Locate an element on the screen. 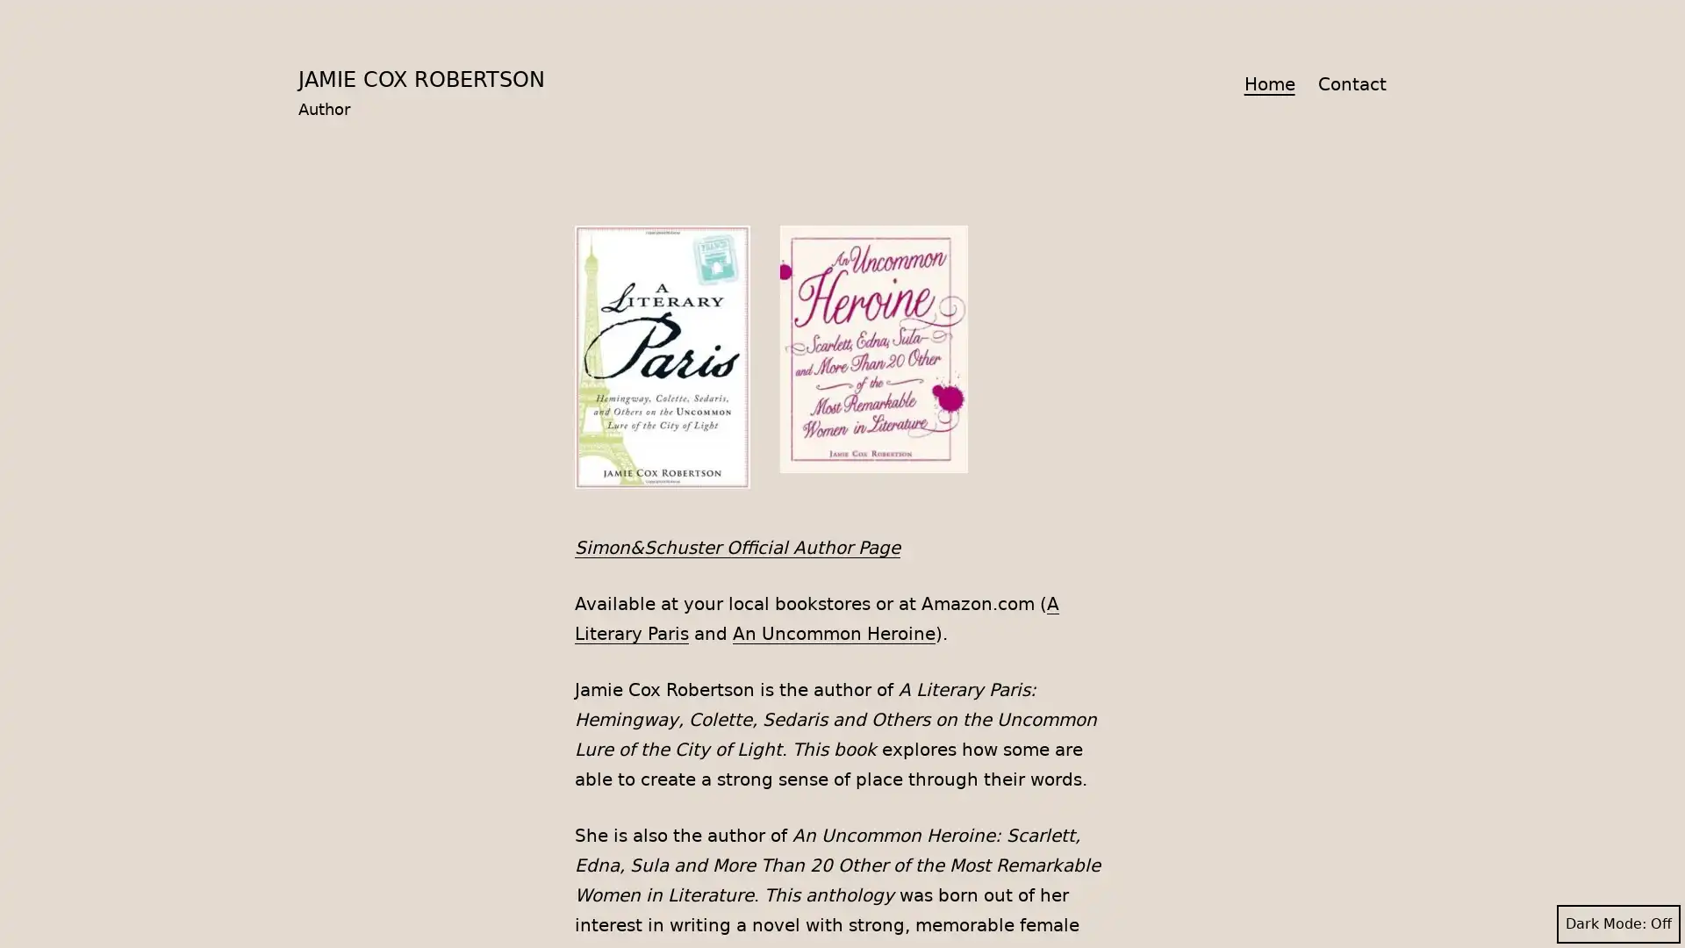 This screenshot has width=1685, height=948. Dark Mode: is located at coordinates (1617, 923).